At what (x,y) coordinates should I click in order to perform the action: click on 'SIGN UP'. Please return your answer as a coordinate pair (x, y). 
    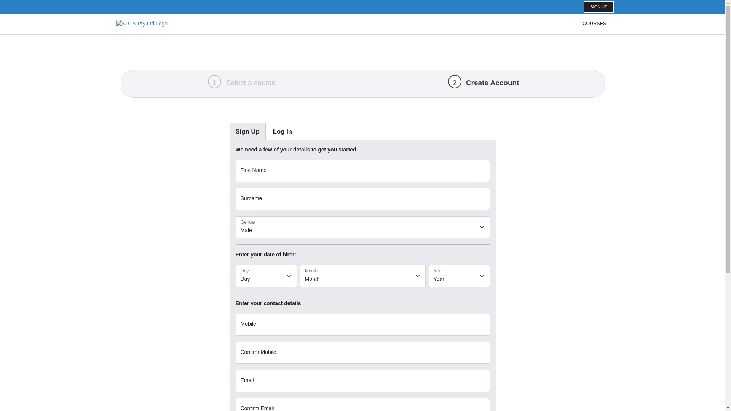
    Looking at the image, I should click on (583, 7).